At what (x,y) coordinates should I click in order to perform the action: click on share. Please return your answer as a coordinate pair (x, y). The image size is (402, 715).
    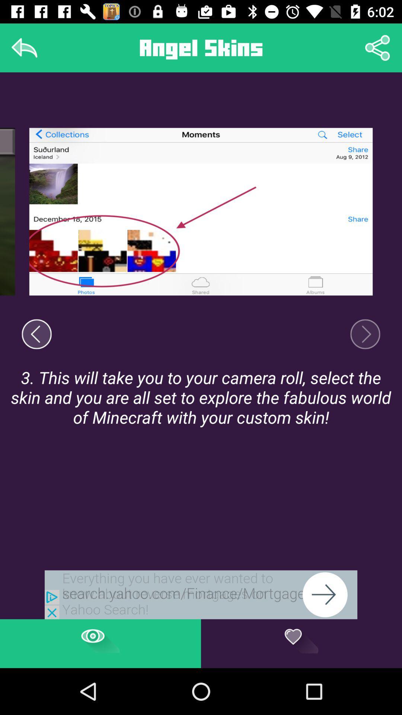
    Looking at the image, I should click on (377, 47).